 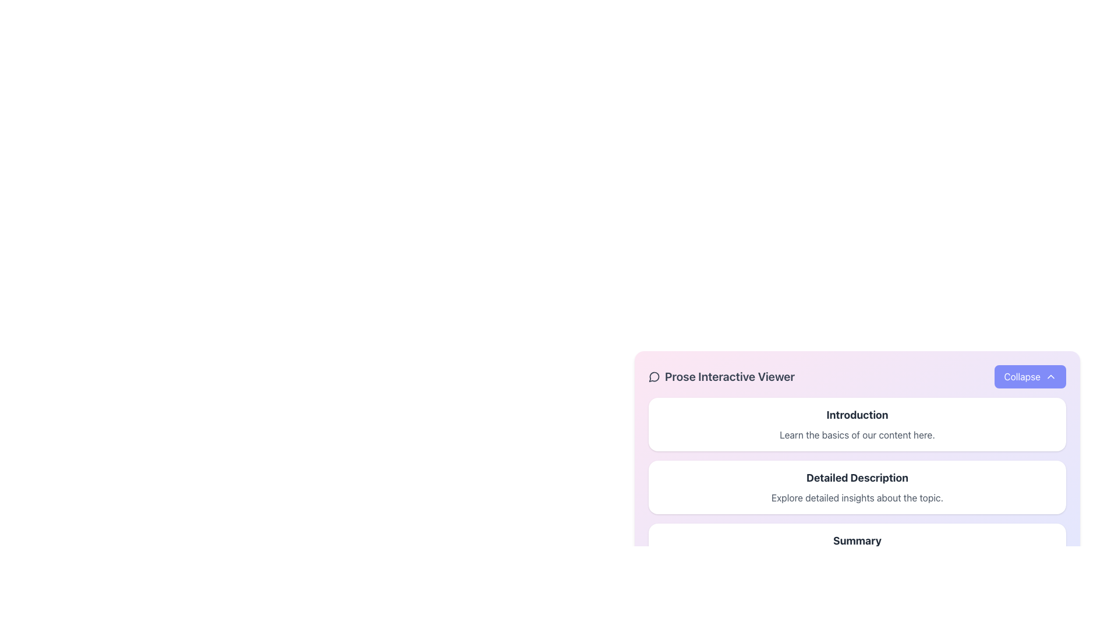 I want to click on the textual component reading 'Explore detailed insights about the topic.', which is styled in gray and located beneath the heading 'Detailed Description', so click(x=857, y=498).